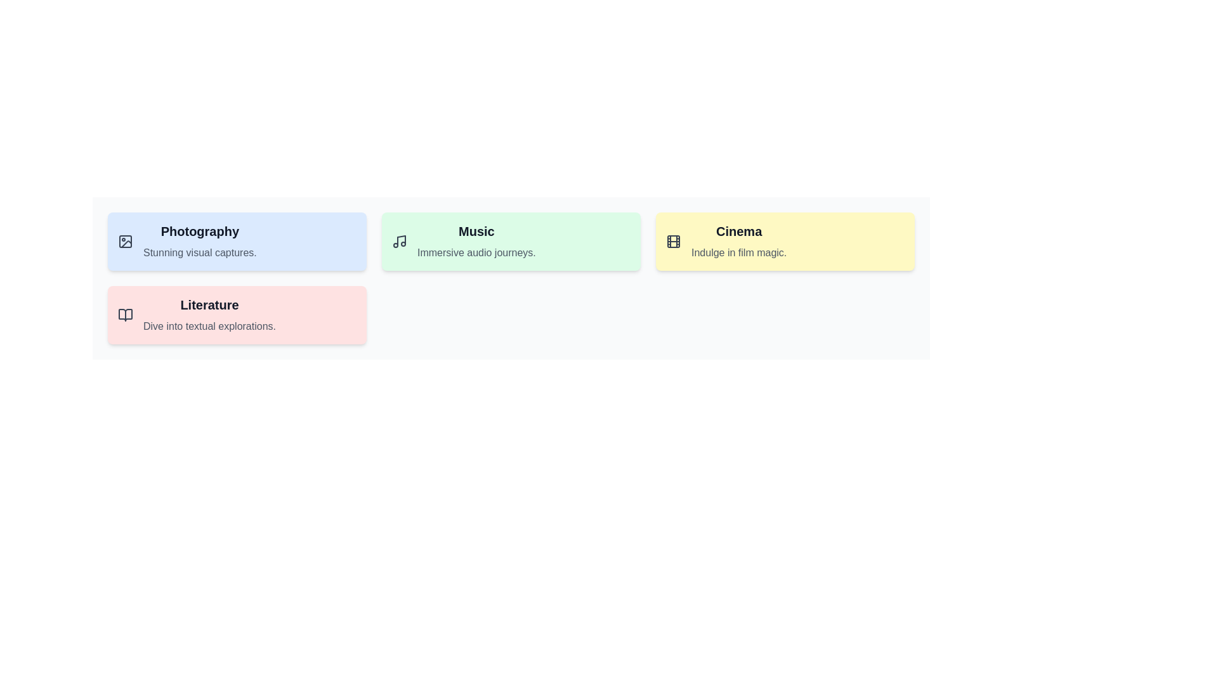 The image size is (1218, 685). What do you see at coordinates (739, 252) in the screenshot?
I see `the text label that reads 'Indulge in film magic.' which is positioned below the title 'Cinema' in a light-gray font on a pale yellow background` at bounding box center [739, 252].